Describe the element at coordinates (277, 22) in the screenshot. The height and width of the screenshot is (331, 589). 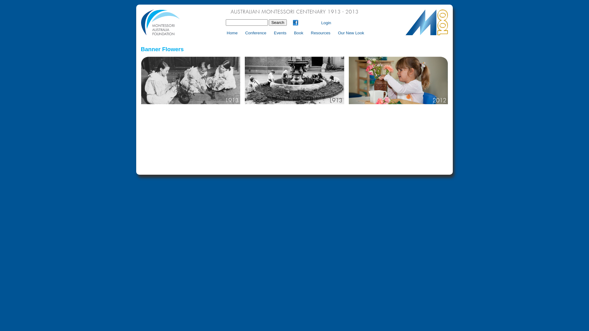
I see `'Search'` at that location.